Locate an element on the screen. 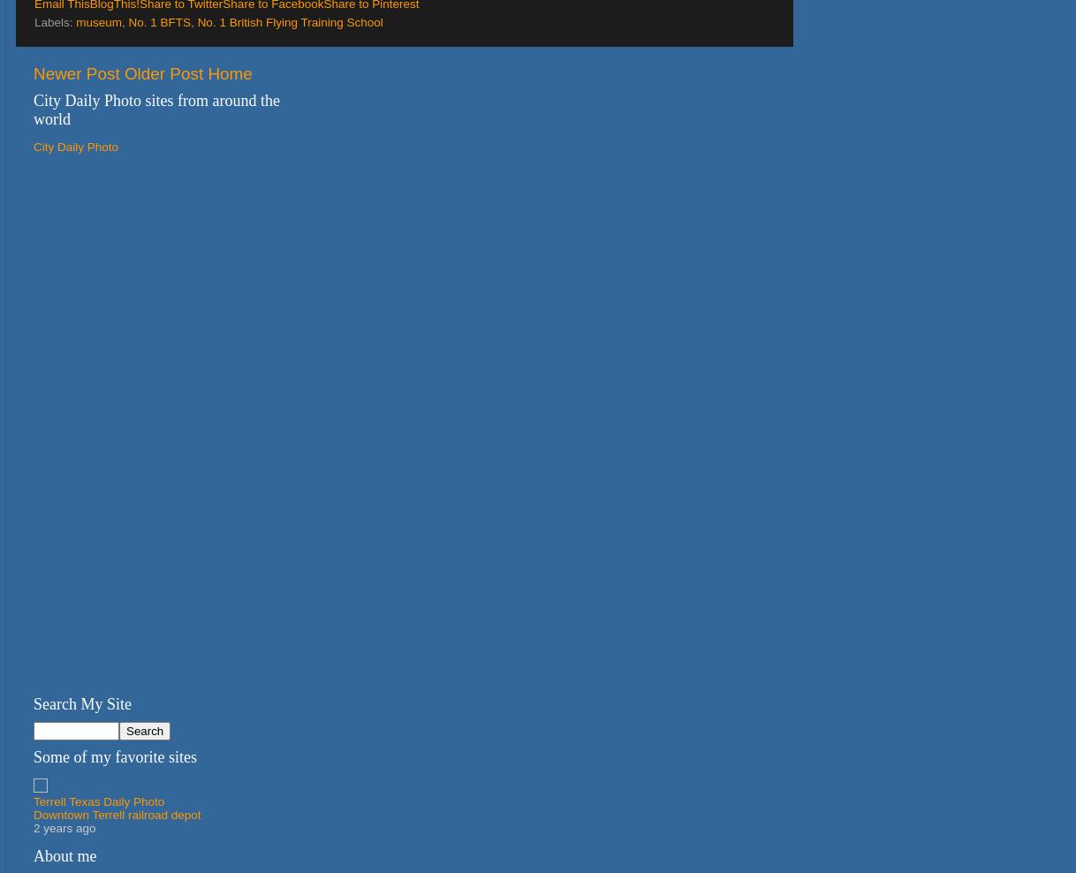 The width and height of the screenshot is (1076, 873). 'Older Post' is located at coordinates (163, 72).